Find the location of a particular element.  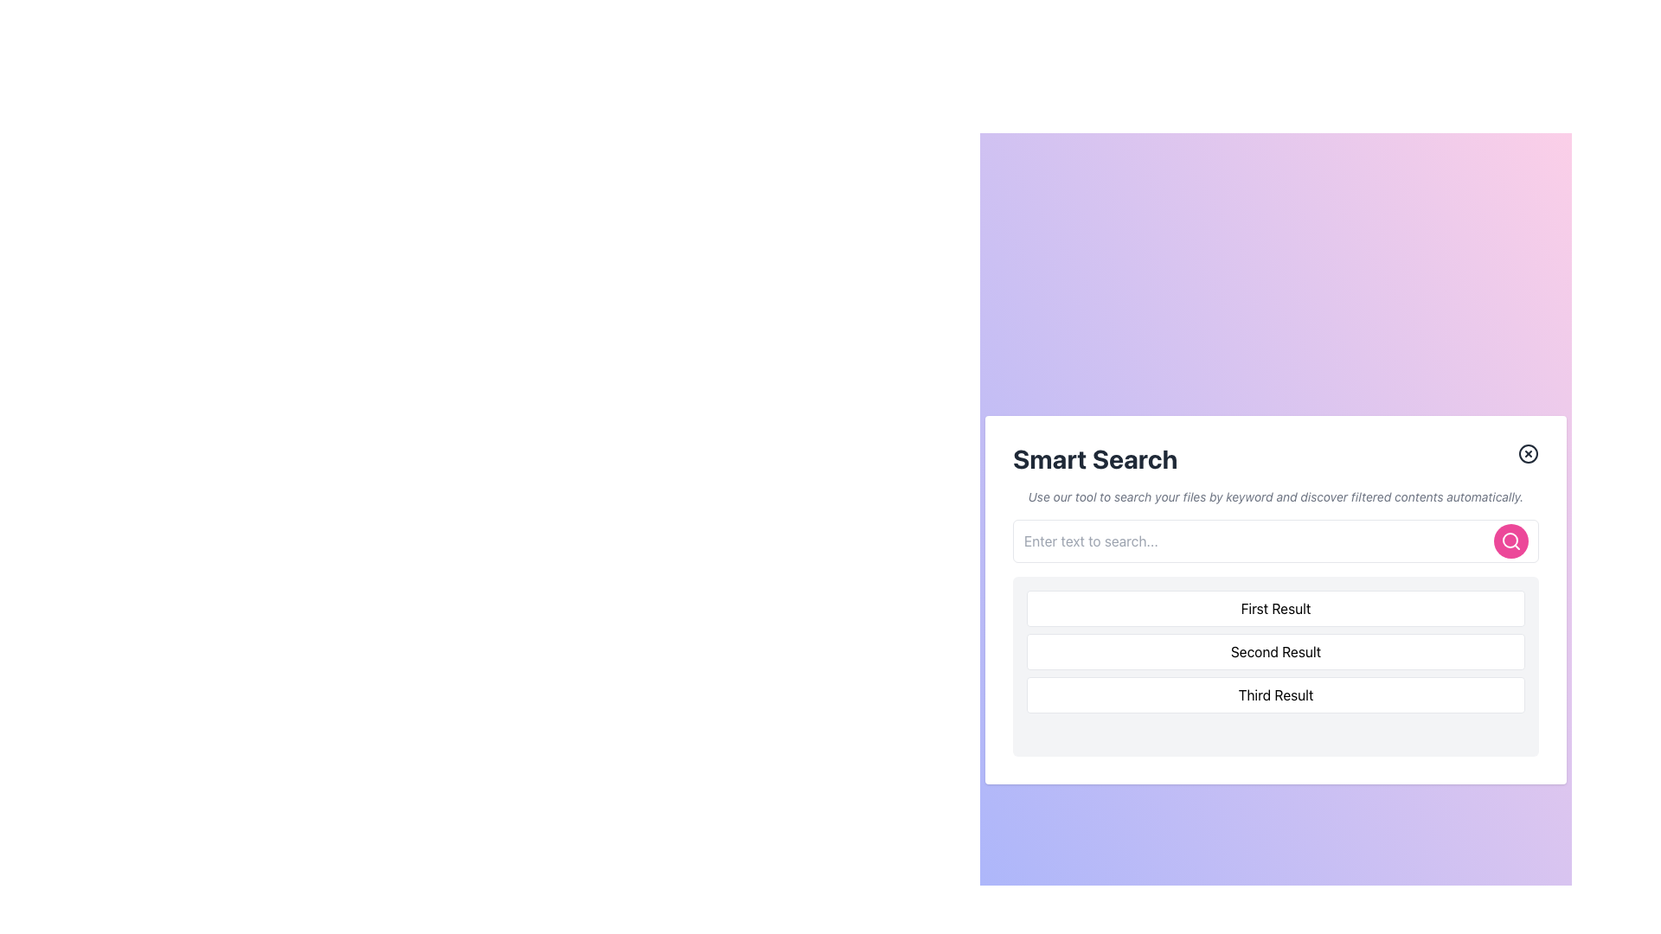

the 'Third Result' text label located in the bordered panel titled 'Smart Search' is located at coordinates (1275, 694).